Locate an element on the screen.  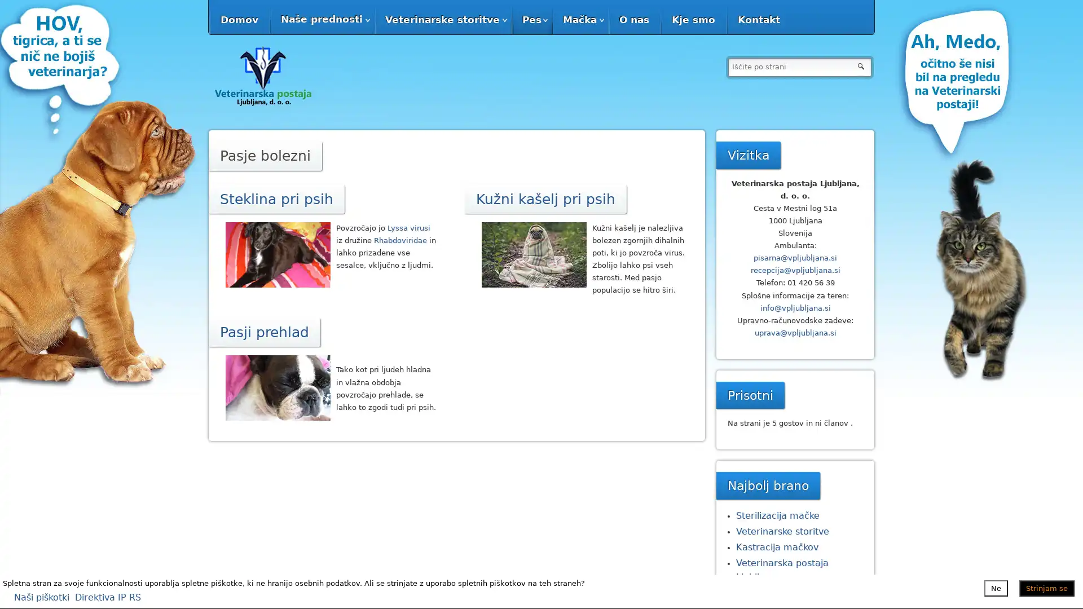
Ne is located at coordinates (996, 587).